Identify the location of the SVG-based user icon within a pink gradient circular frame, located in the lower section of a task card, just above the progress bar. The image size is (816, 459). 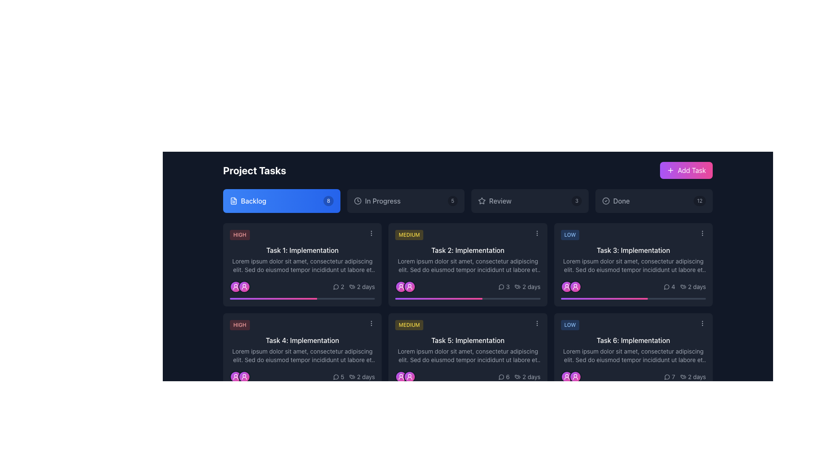
(401, 377).